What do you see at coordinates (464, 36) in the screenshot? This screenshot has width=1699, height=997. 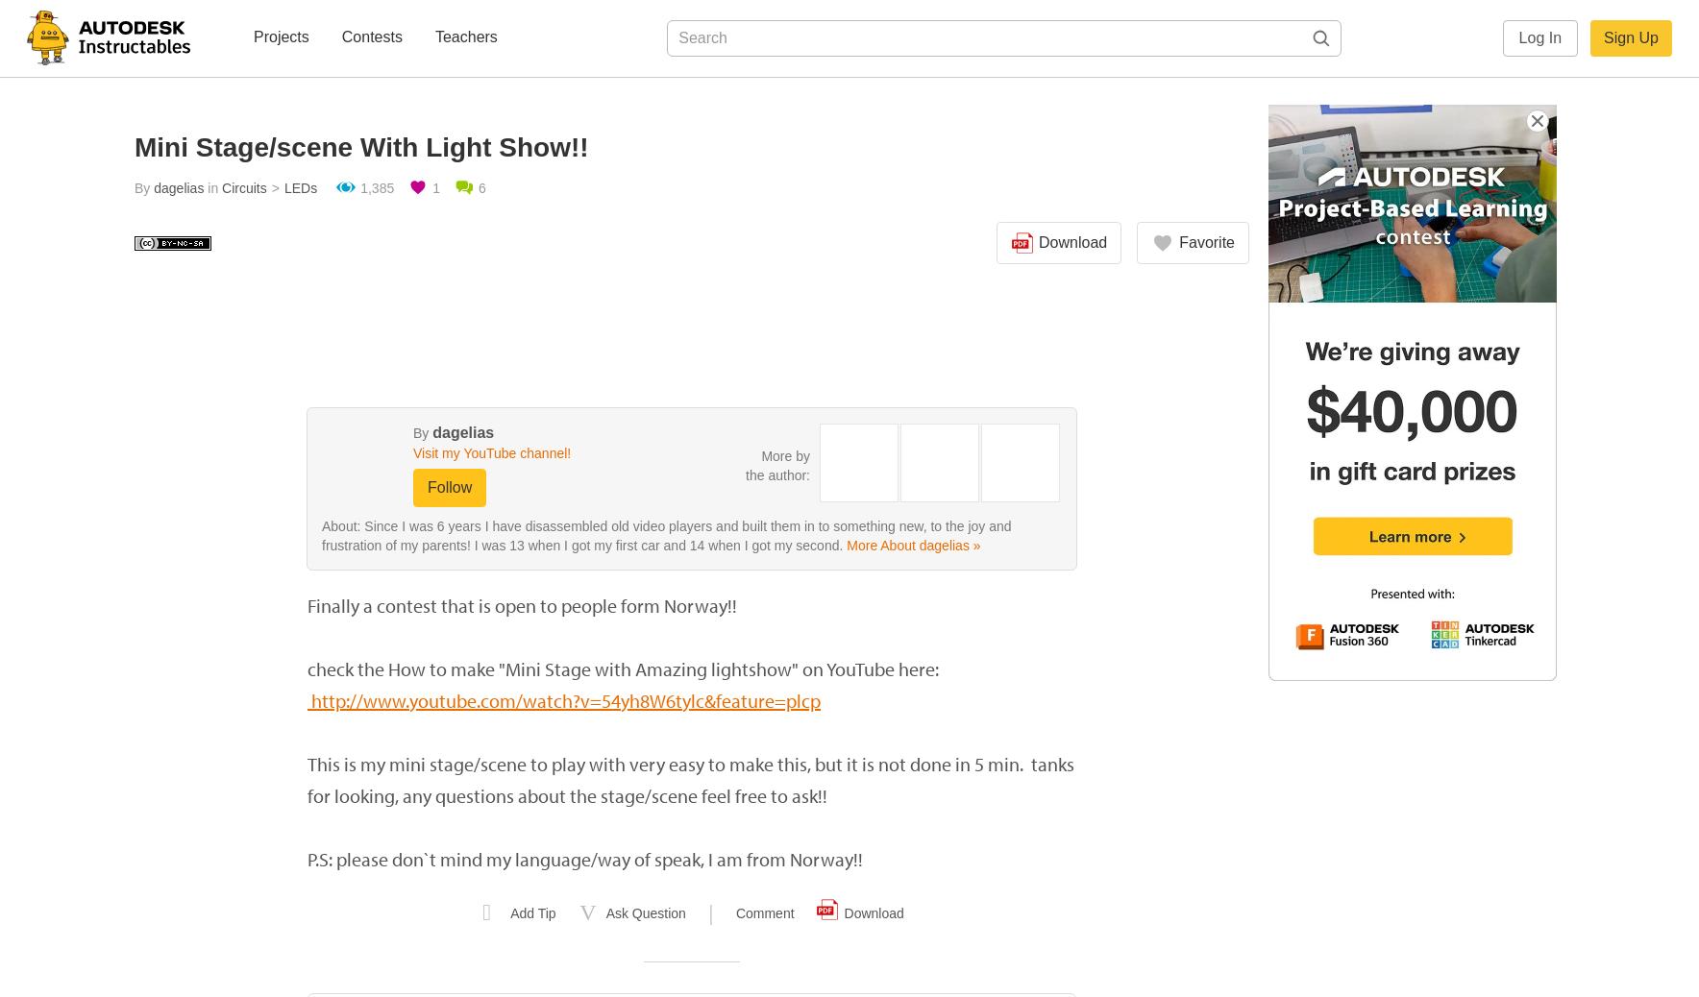 I see `'Teachers'` at bounding box center [464, 36].